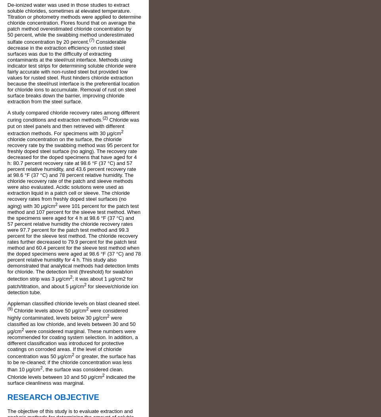 Image resolution: width=381 pixels, height=417 pixels. I want to click on 'chloride concentration on the surface, the  chloride recovery rate by the swabbing method was 95 percent for freshly doped steel  surface (no aging). The recovery rate decreased for the doped specimens that  have aged for 4 h: 80.7 percent recovery rate at 98.6 °F (37 °C) and 57 percent  relative humidity, and 43.6 percent recovery rate at 98.6 °F (37 °C) and 78  percent relative humidity. The chloride recovery rate of the patch and sleeve  methods were also evaluated. Acidic solutions were used as extraction liquid in  a patch cell or sleeve. The chloride recovery rates from freshly doped steel  surfaces (no aging) with 30 μg/cm', so click(6, 172).